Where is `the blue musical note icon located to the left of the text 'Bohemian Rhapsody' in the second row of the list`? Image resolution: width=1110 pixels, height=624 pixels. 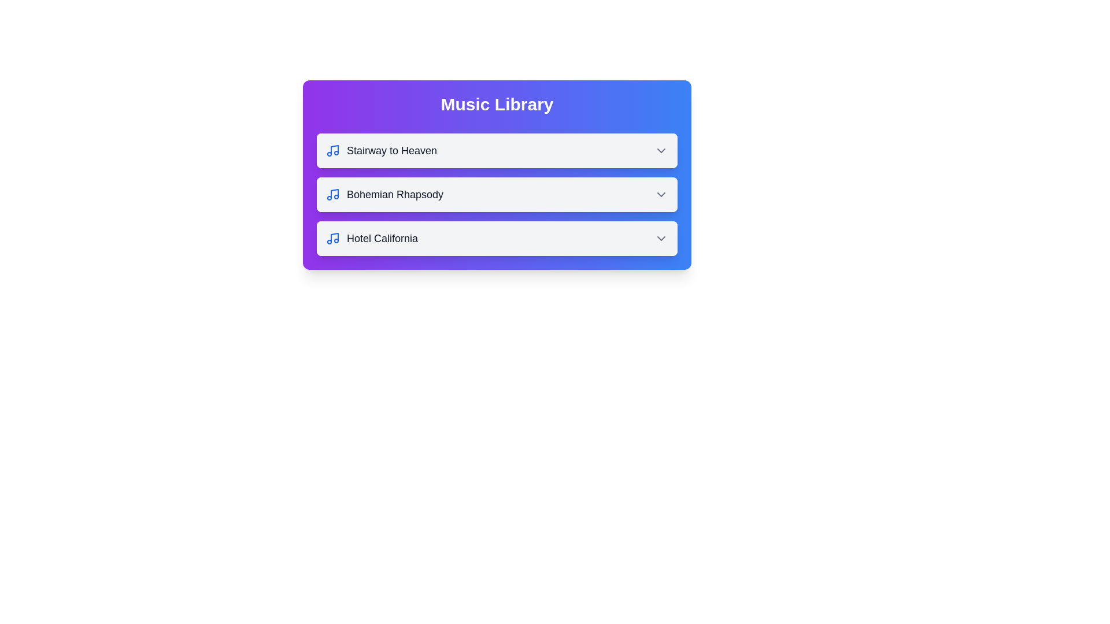
the blue musical note icon located to the left of the text 'Bohemian Rhapsody' in the second row of the list is located at coordinates (332, 194).